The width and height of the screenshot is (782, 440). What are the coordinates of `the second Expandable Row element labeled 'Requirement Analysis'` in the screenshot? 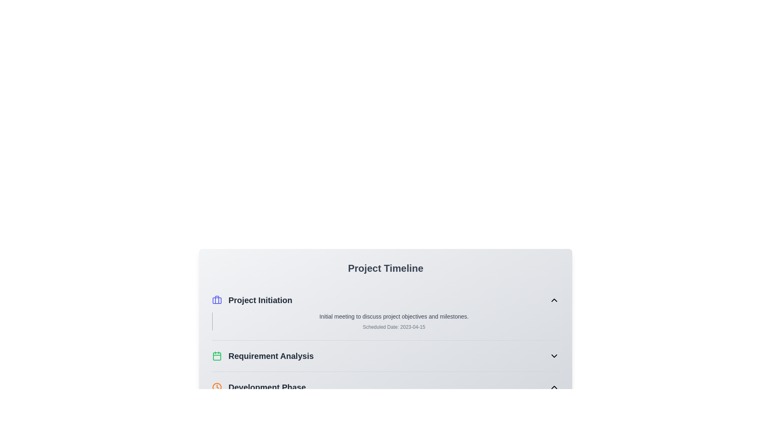 It's located at (385, 356).